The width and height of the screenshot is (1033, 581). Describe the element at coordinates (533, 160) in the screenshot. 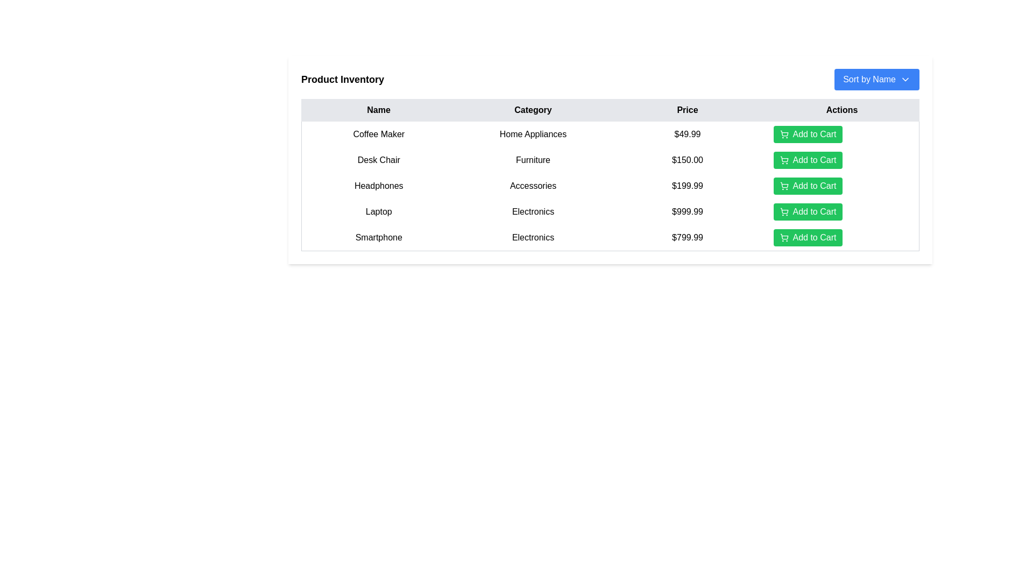

I see `the 'Furniture' label in the second row of the table under the 'Category' column` at that location.